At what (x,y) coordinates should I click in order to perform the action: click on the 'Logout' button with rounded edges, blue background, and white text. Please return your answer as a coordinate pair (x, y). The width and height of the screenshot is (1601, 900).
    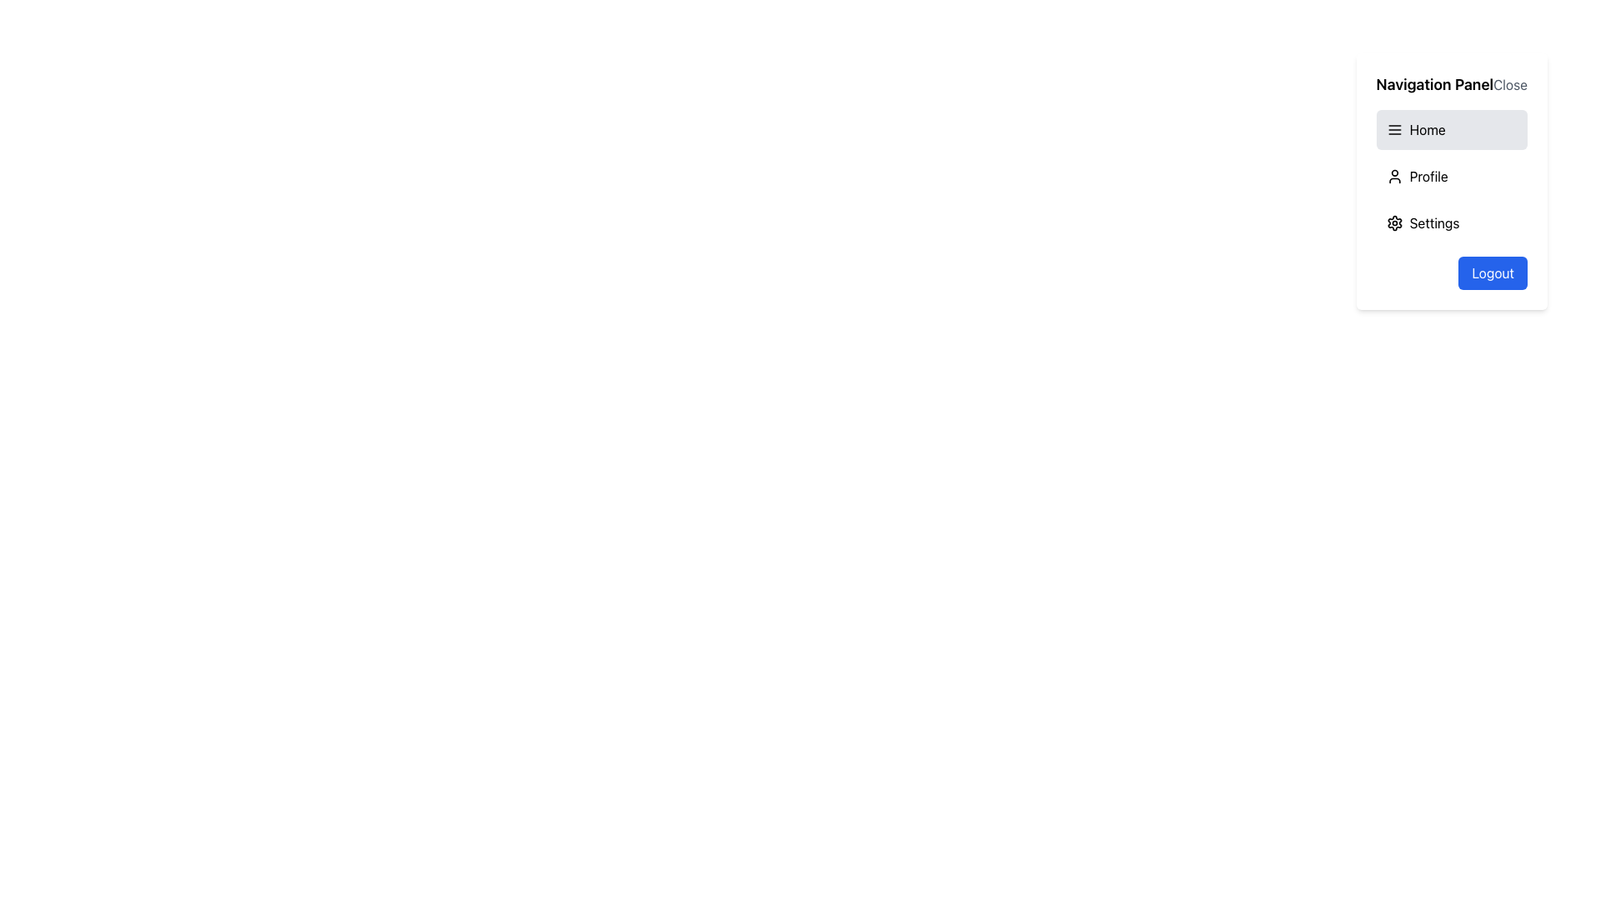
    Looking at the image, I should click on (1493, 272).